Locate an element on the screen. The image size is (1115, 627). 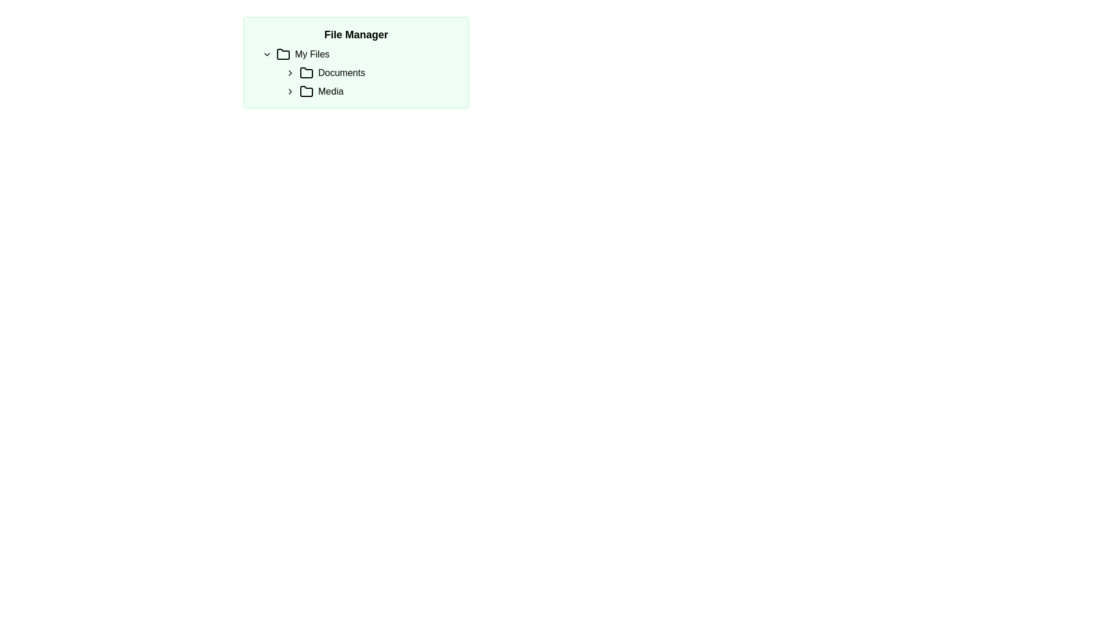
the black folder icon with rounded edges located to the left of the 'Documents' text in the 'File Manager' interface is located at coordinates (307, 73).